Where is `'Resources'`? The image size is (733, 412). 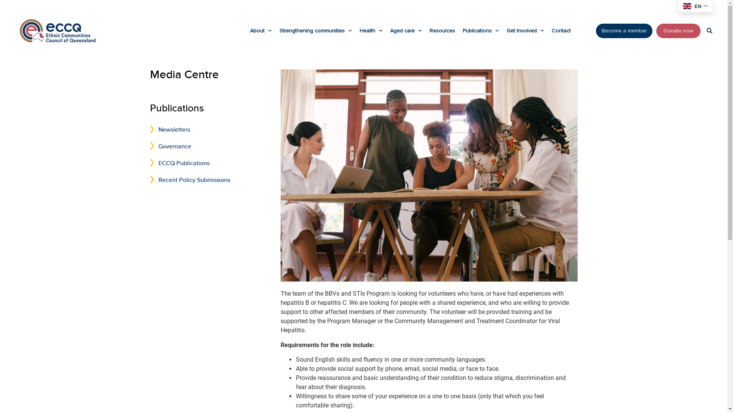
'Resources' is located at coordinates (442, 31).